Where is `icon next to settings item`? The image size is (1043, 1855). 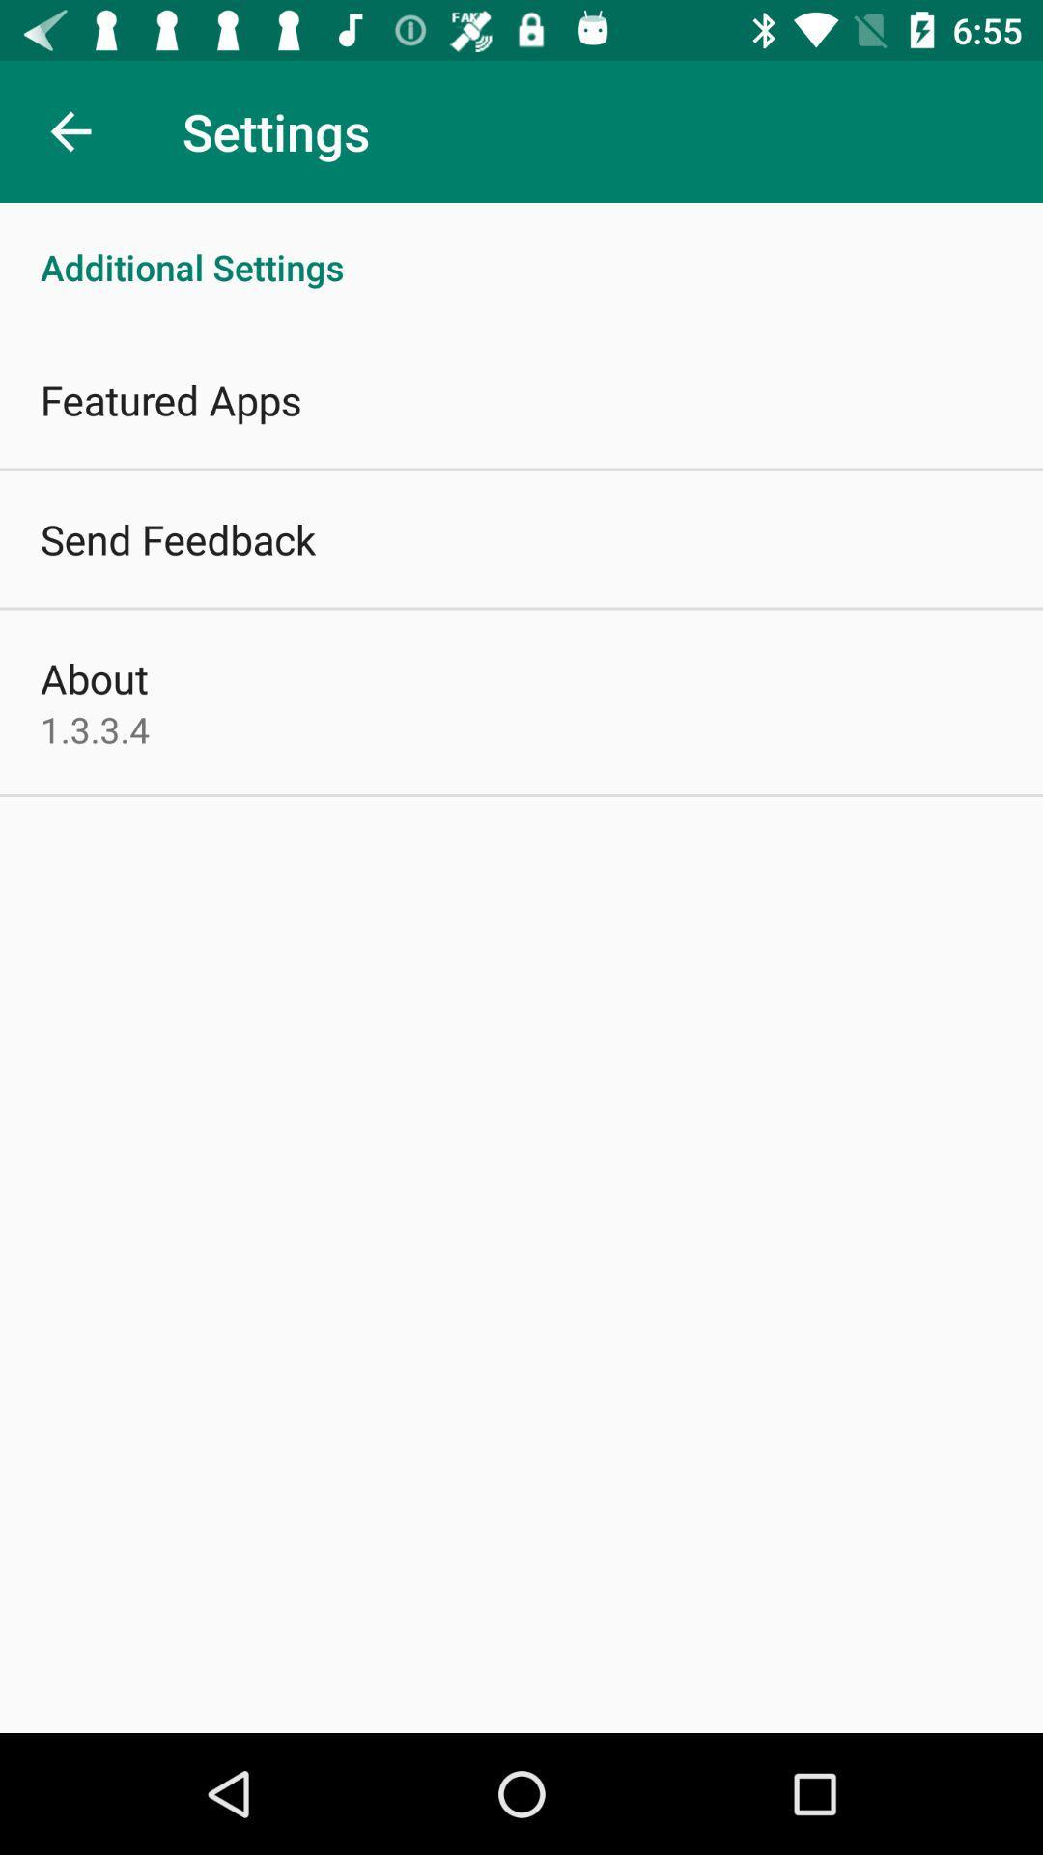
icon next to settings item is located at coordinates (70, 130).